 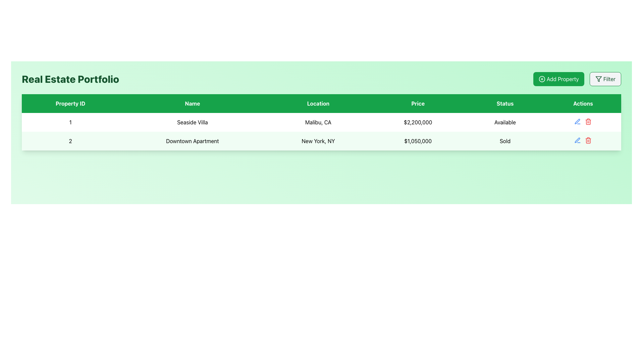 I want to click on the first row of the property table that presents details about 'Seaside Villa', so click(x=321, y=122).